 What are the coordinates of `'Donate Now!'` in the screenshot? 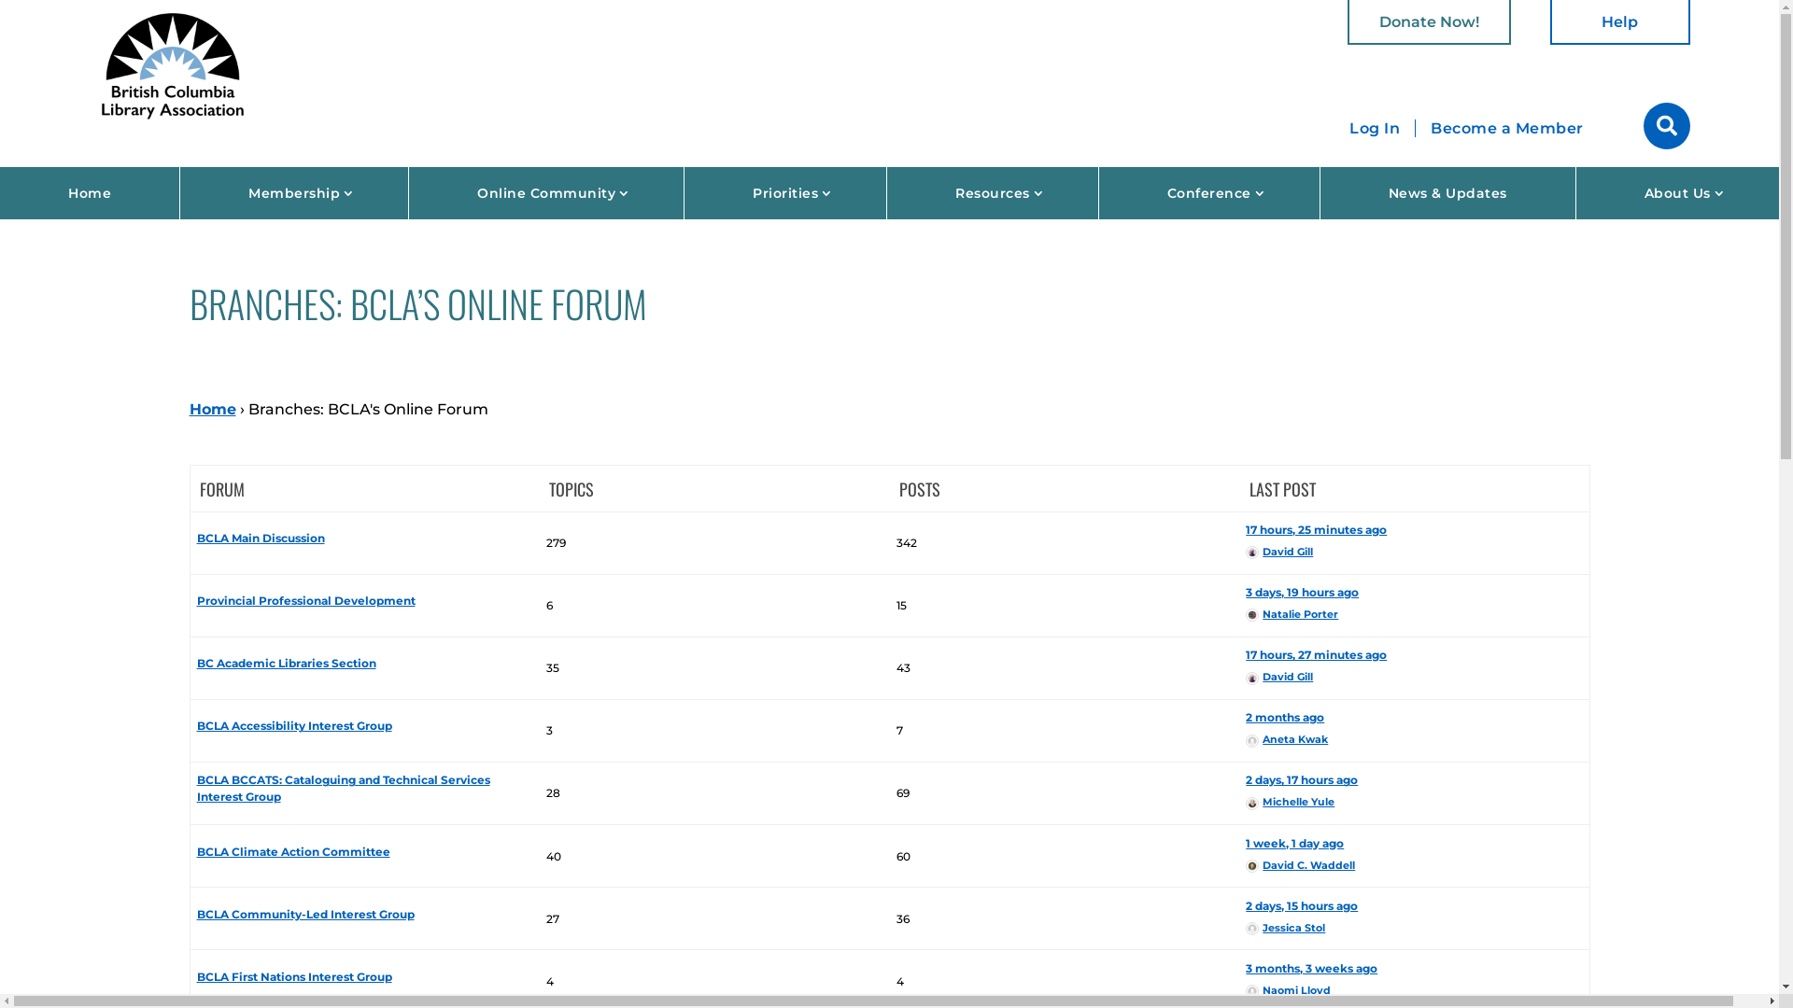 It's located at (1428, 21).